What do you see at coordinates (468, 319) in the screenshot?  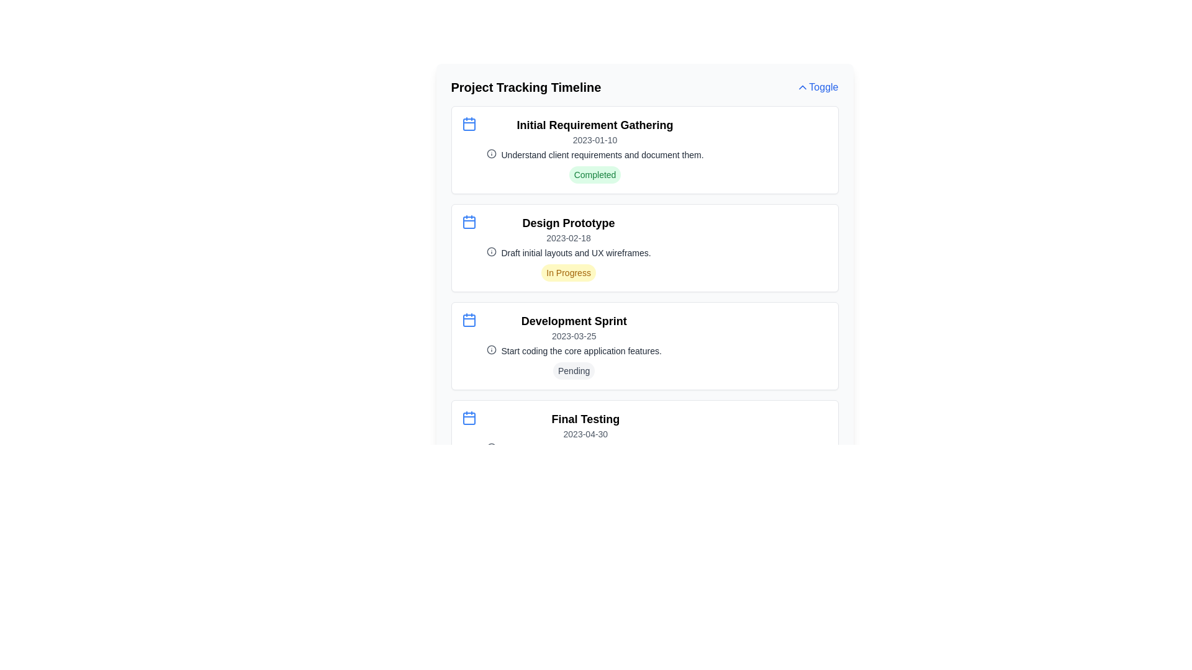 I see `the blue calendar icon located at the start of the 'Development Sprint' section, positioned to the left of the title and description text` at bounding box center [468, 319].